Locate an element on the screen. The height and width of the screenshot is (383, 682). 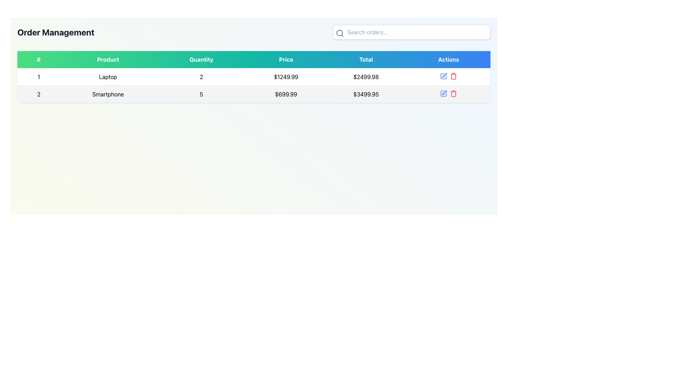
the Text Display showing the price '$699.99' in the 'Price' column of the second row ('Smartphone') in the table is located at coordinates (286, 94).